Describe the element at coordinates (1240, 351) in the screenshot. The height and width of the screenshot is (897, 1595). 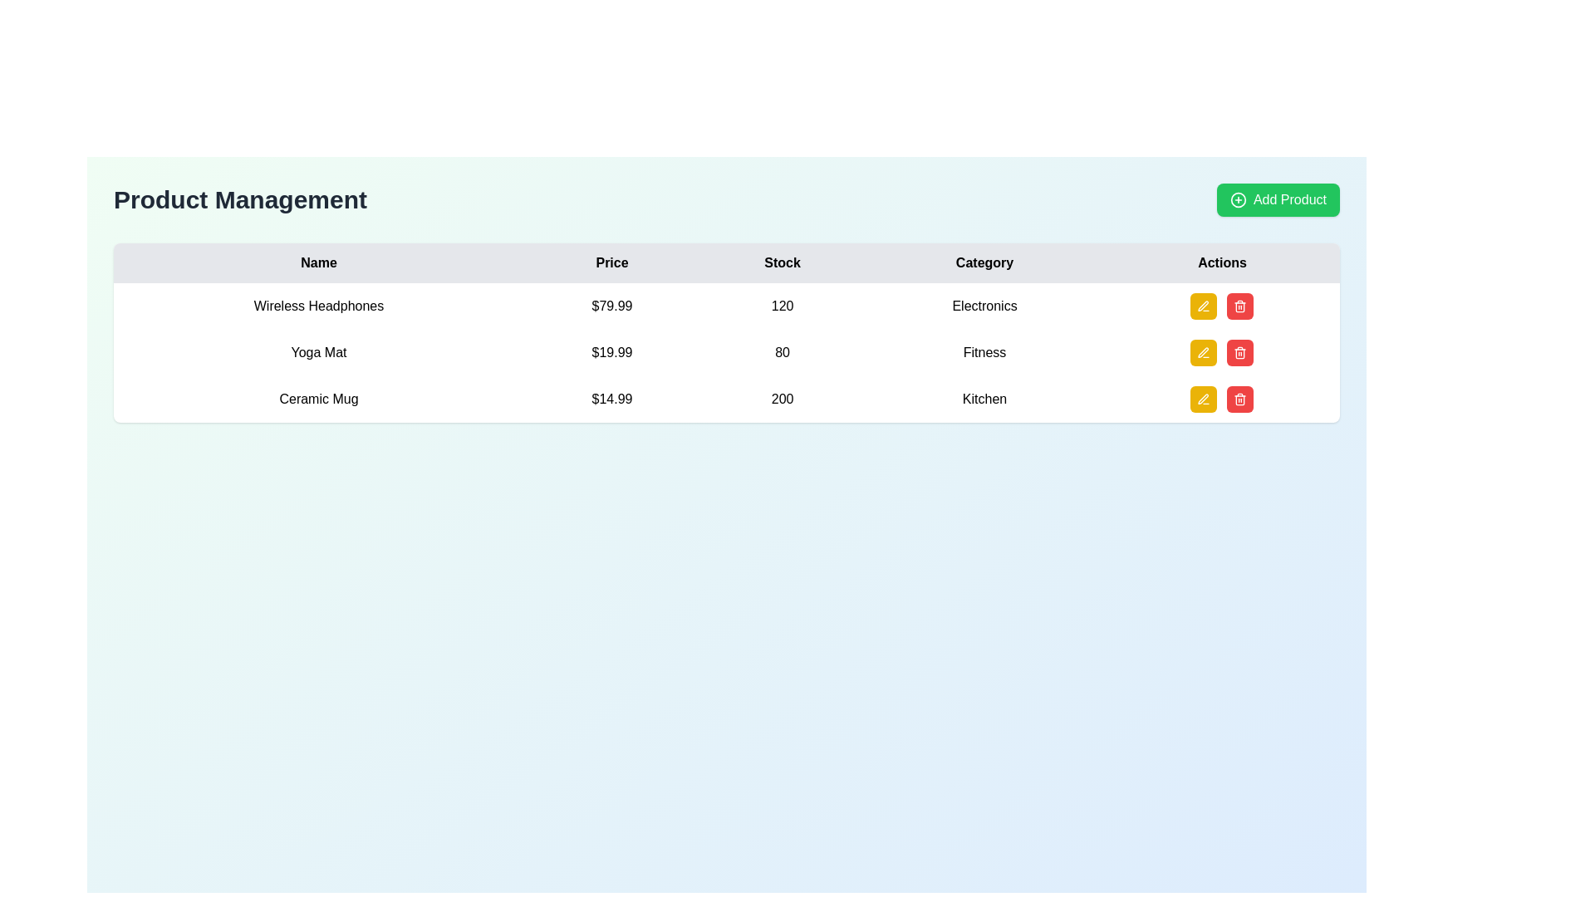
I see `the delete button located in the bottom-most row of the product management table, specifically the second icon in the 'Actions' column` at that location.